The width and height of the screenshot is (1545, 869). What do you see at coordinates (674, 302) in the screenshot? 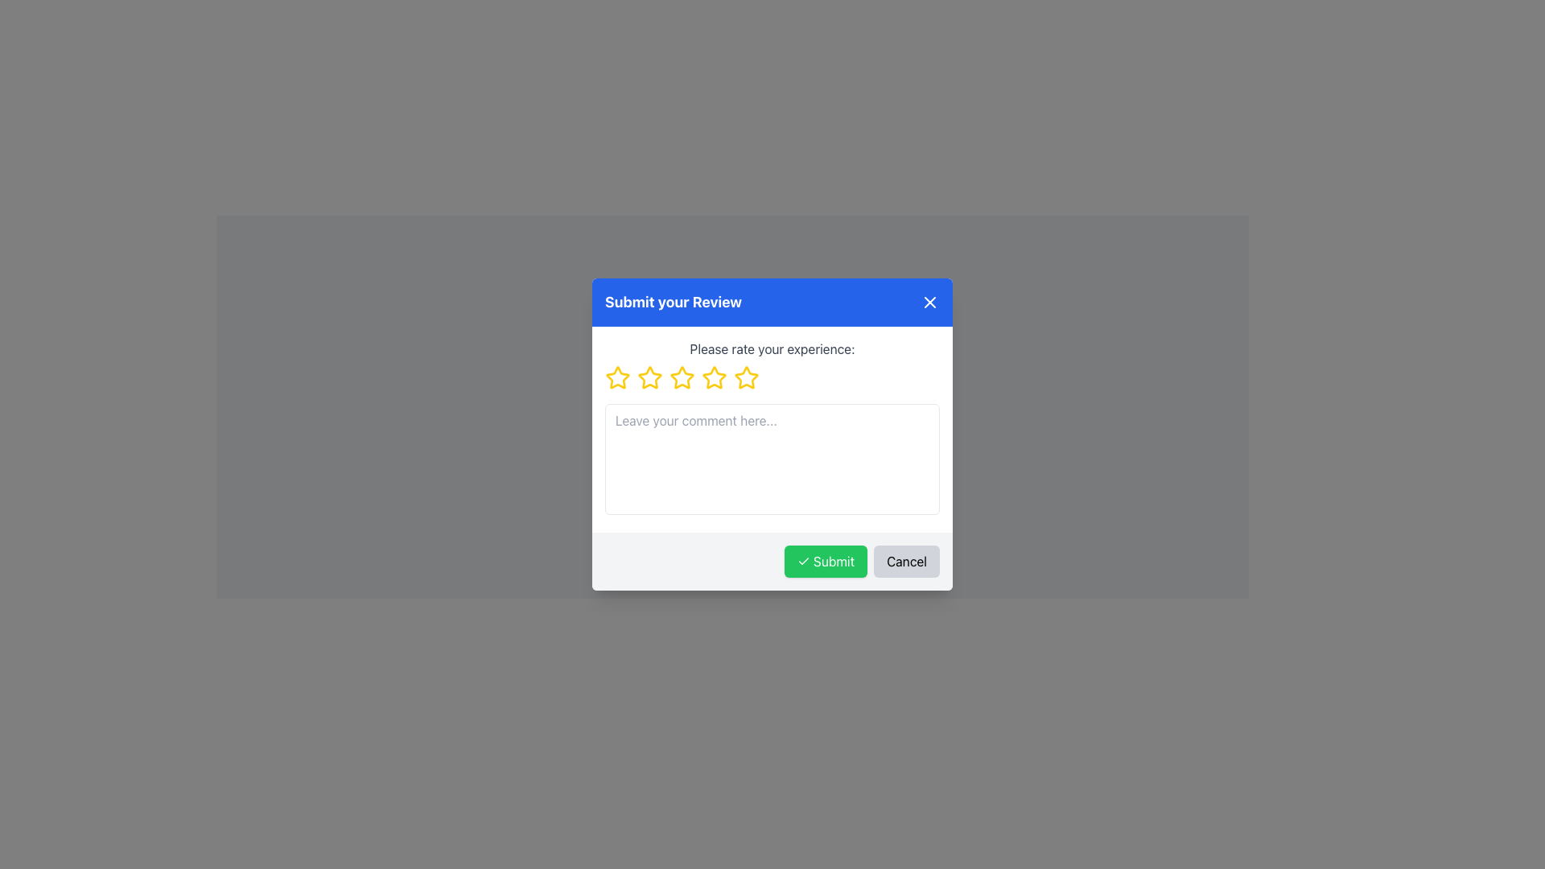
I see `the static text displaying 'Submit your Review', which is styled in bold, large white font against a blue background, located at the top section of the modal window` at bounding box center [674, 302].